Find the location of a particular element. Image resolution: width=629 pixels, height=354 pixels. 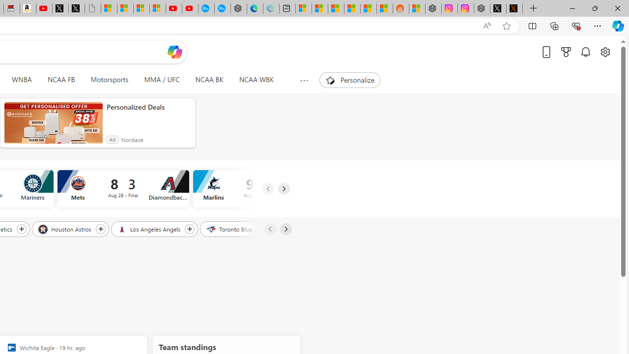

'Next' is located at coordinates (285, 229).